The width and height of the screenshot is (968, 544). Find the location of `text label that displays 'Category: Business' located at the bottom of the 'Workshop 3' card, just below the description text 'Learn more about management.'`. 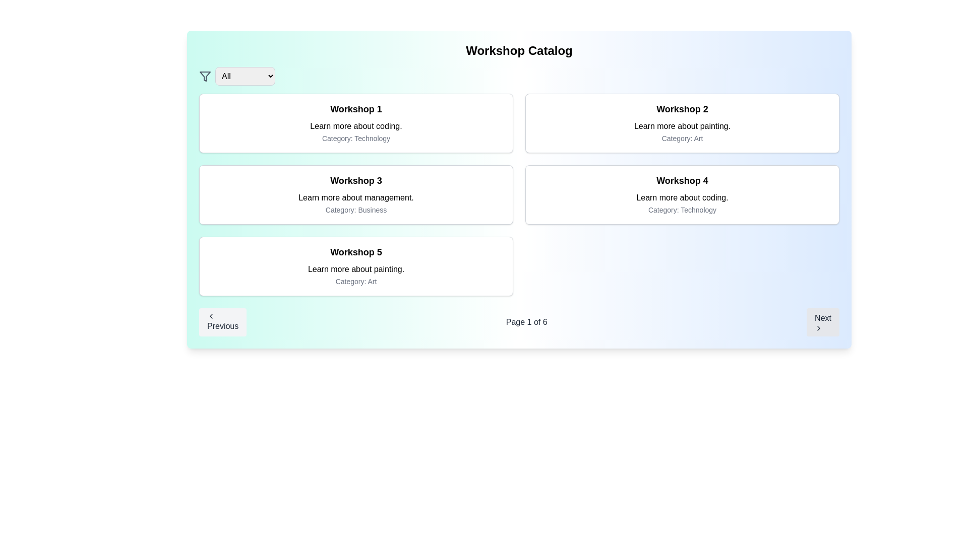

text label that displays 'Category: Business' located at the bottom of the 'Workshop 3' card, just below the description text 'Learn more about management.' is located at coordinates (356, 209).